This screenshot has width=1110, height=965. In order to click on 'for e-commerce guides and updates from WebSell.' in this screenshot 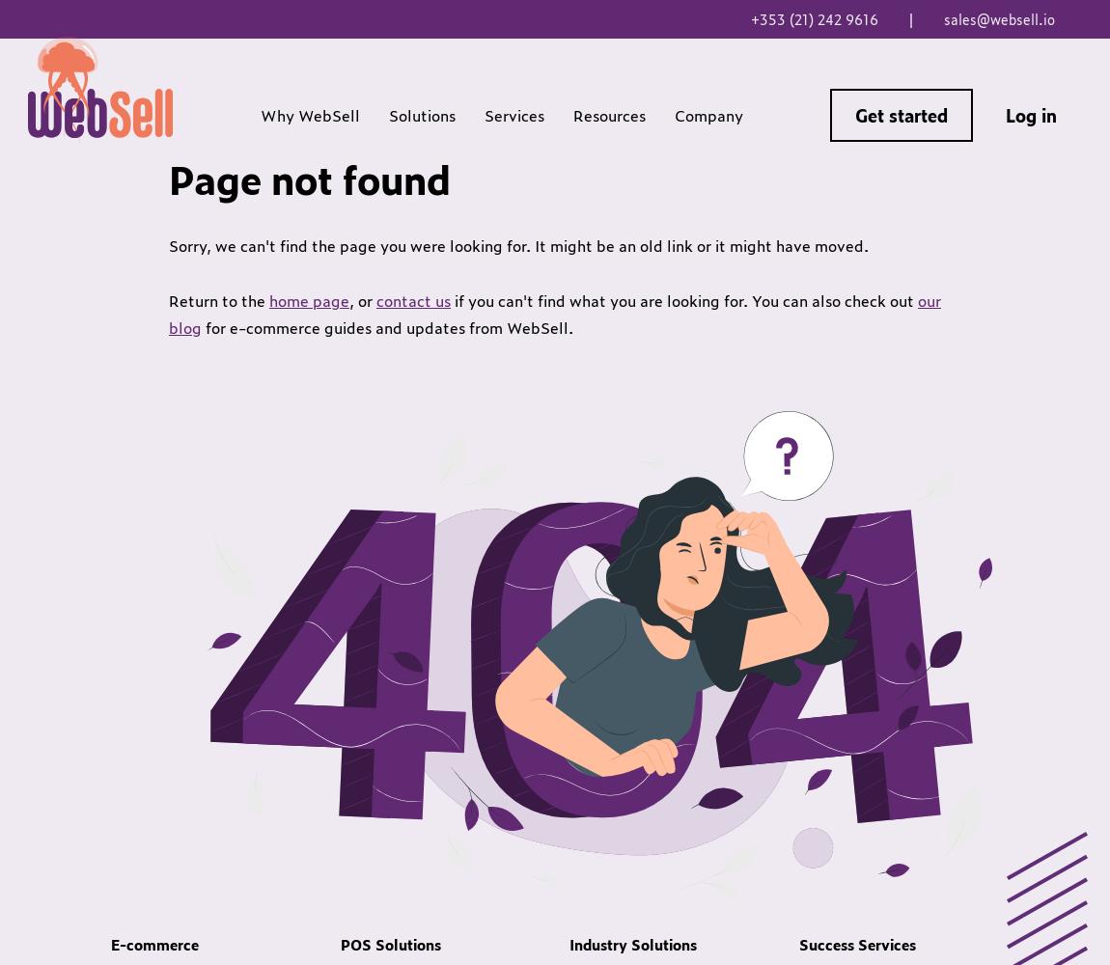, I will do `click(387, 325)`.